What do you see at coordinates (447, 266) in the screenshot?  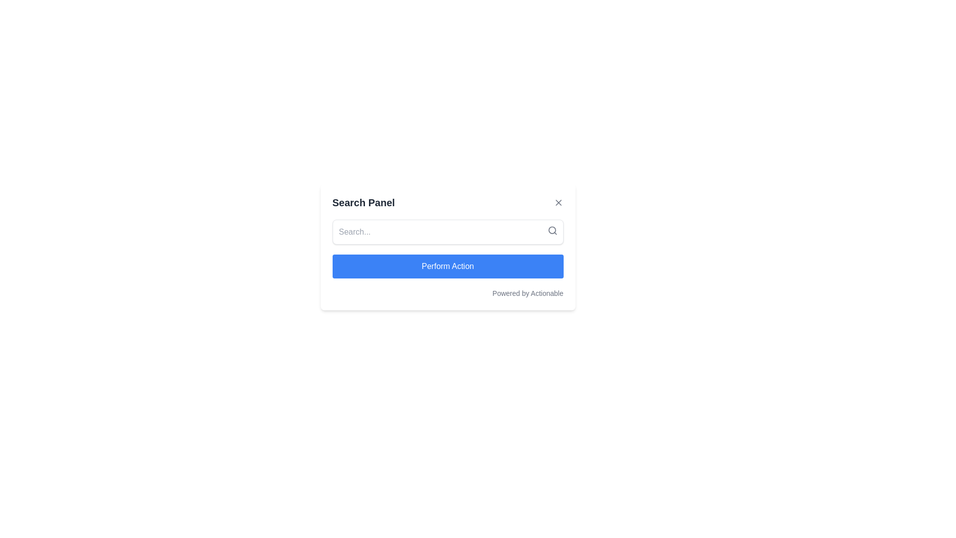 I see `the rectangular button with a blue background and white text reading 'Perform Action'` at bounding box center [447, 266].